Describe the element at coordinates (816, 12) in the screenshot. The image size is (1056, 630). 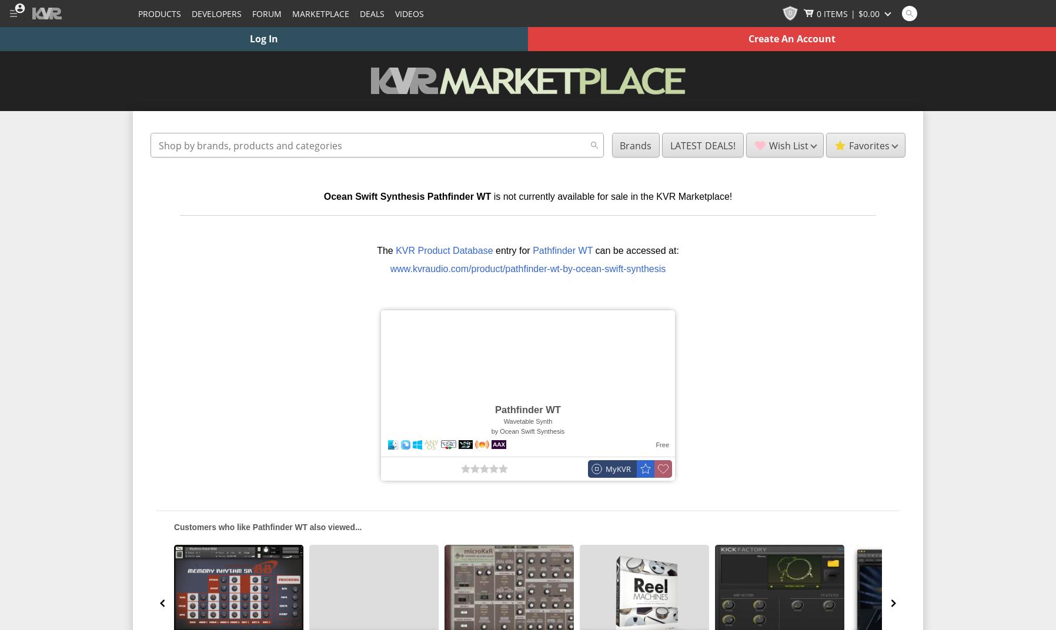
I see `'0 items'` at that location.